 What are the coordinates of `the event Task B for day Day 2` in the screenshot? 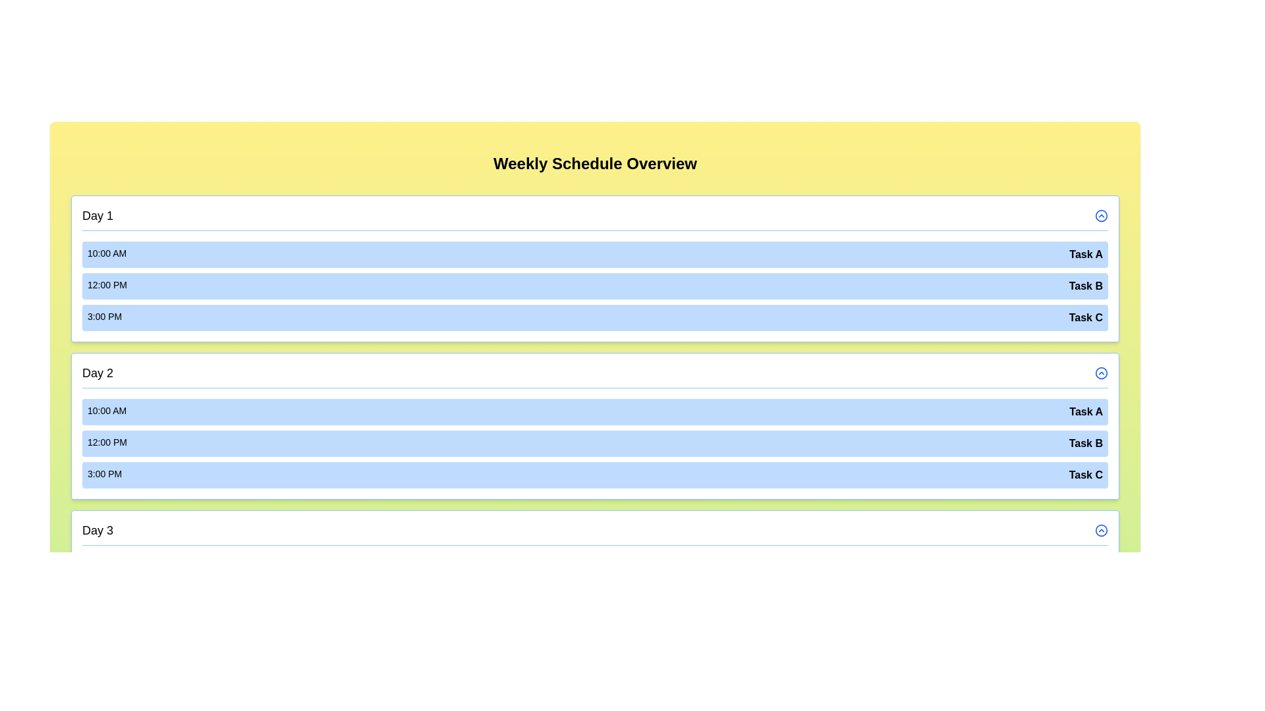 It's located at (594, 444).